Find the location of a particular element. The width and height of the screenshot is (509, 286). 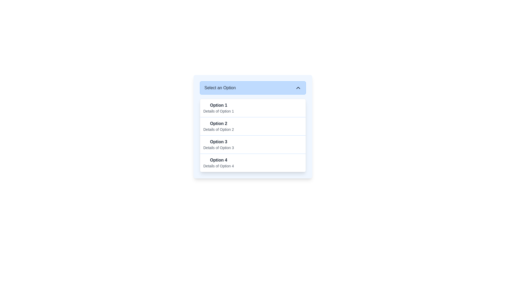

to select the 'Option 3' item in the dropdown menu, which displays 'Option 3' in bold above 'Details of Option 3' is located at coordinates (218, 145).